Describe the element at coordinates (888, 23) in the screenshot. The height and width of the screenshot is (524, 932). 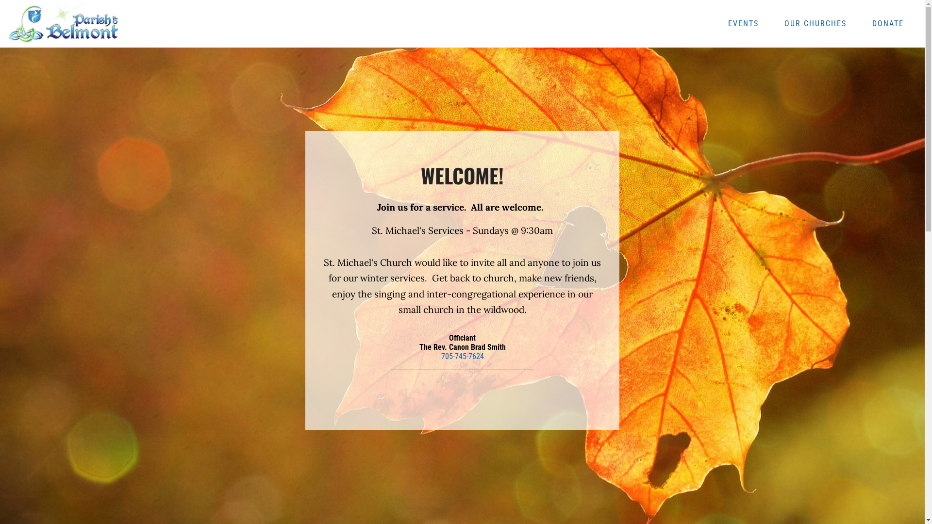
I see `'DONATE'` at that location.